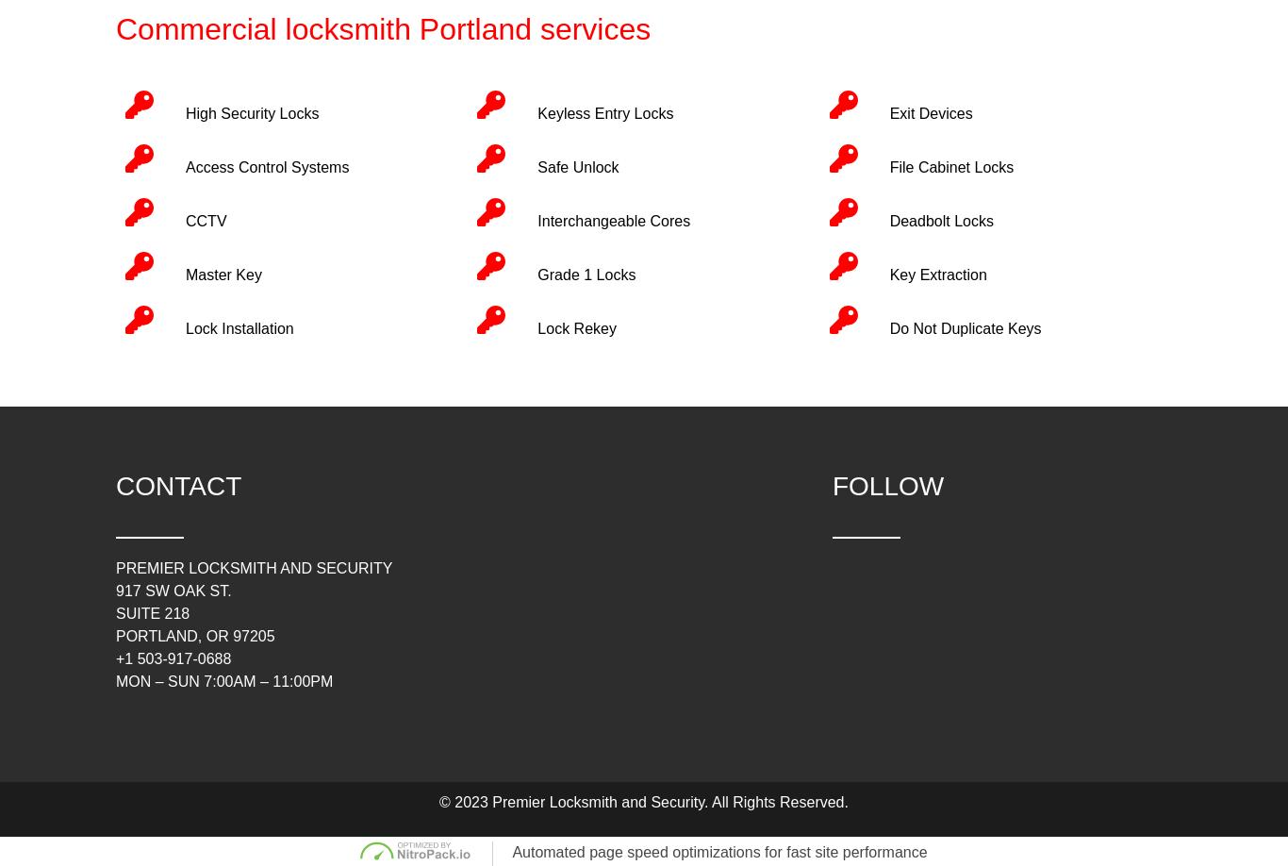  I want to click on 'Follow', so click(887, 485).